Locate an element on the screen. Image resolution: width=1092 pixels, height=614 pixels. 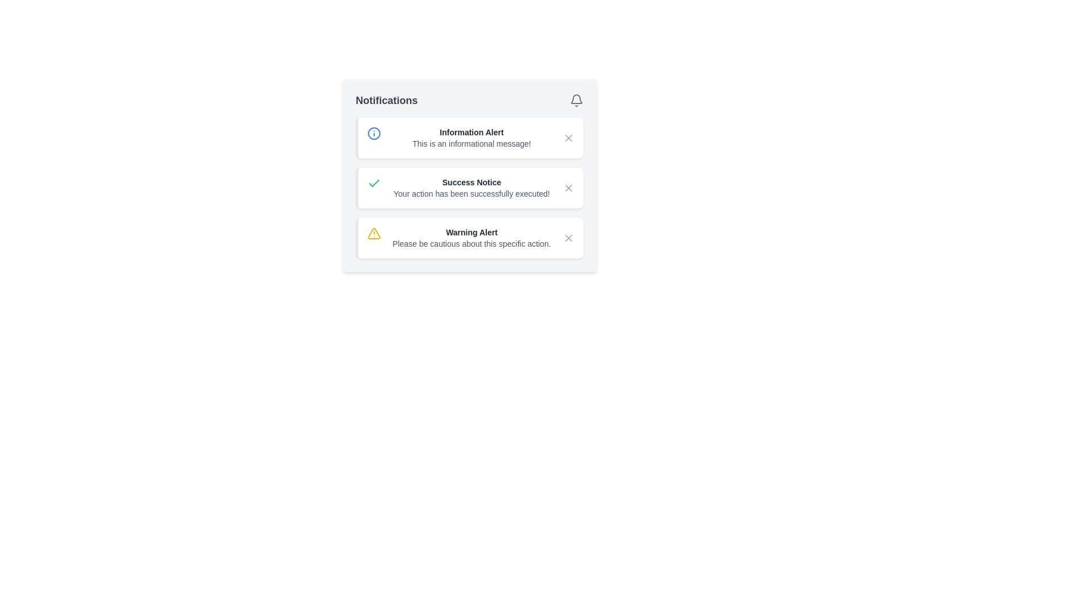
the green checkmark icon located in the top-left corner of the 'Success Notice' notification box, indicating success or confirmation is located at coordinates (374, 188).